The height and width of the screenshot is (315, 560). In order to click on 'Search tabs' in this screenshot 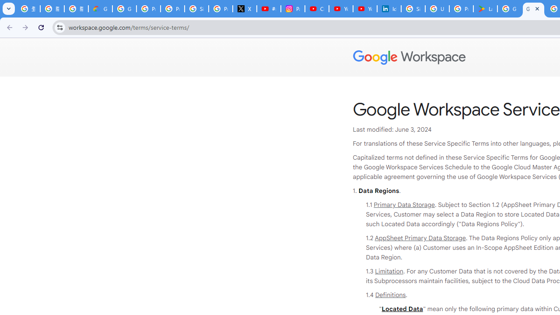, I will do `click(9, 9)`.